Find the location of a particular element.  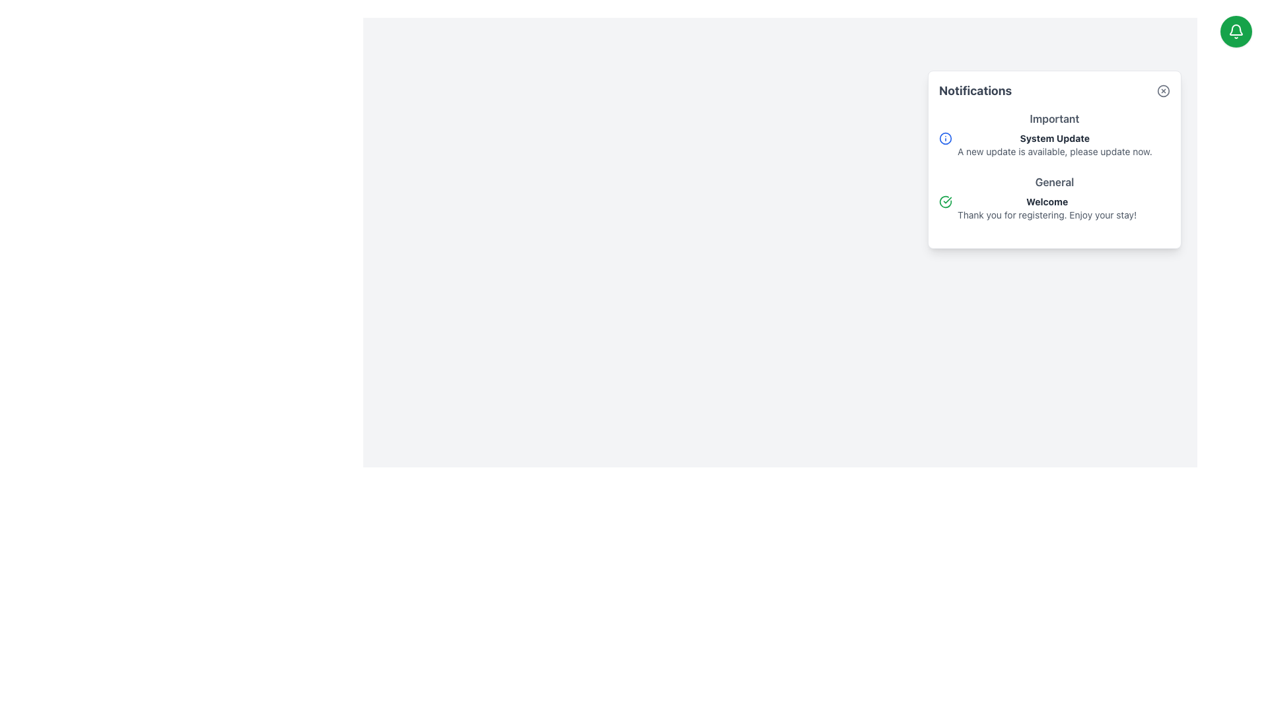

the 'General' Text Label element which is a bold, medium-sized grayscale font heading in the notification panel is located at coordinates (1054, 182).